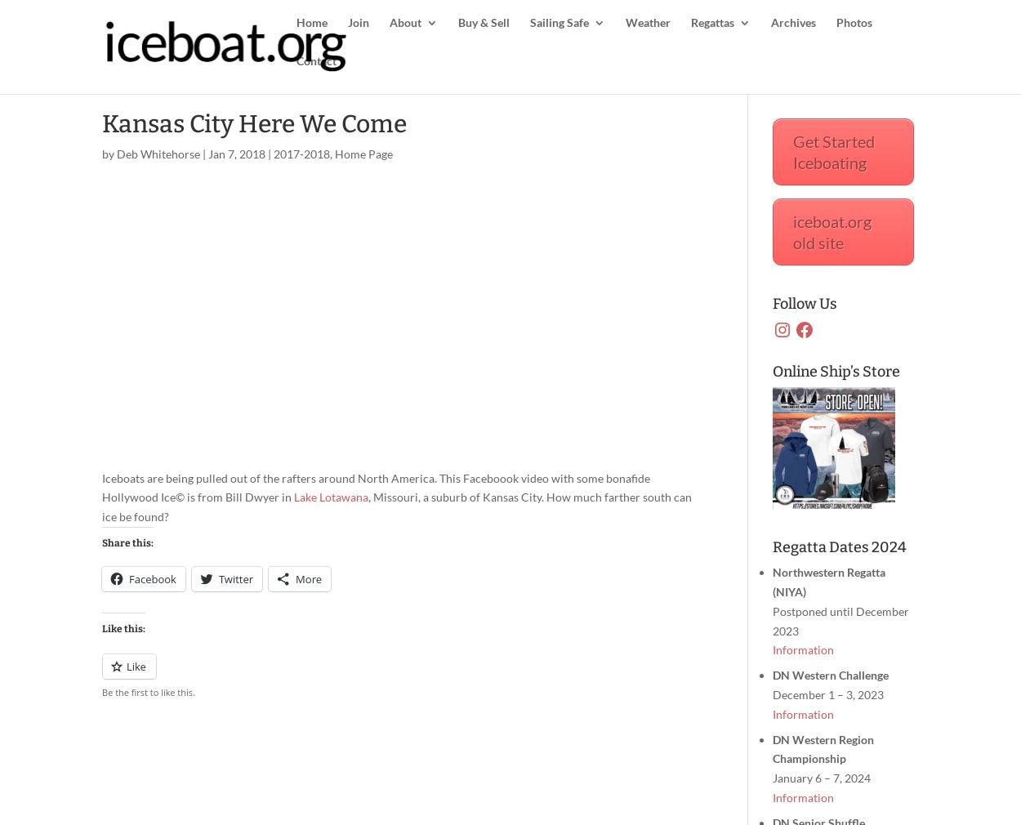 This screenshot has width=1021, height=825. Describe the element at coordinates (770, 132) in the screenshot. I see `'Northwest Regatta'` at that location.